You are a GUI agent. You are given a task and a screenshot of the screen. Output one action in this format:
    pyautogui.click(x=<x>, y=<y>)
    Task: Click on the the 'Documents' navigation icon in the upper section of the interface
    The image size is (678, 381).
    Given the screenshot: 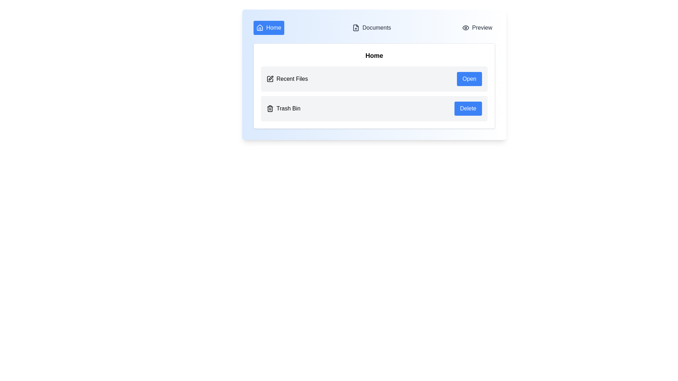 What is the action you would take?
    pyautogui.click(x=356, y=27)
    